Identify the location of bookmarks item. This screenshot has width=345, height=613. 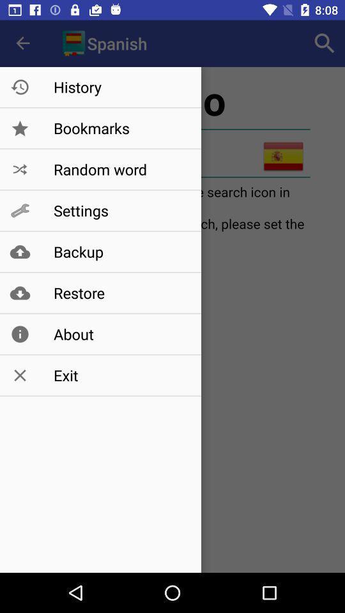
(121, 128).